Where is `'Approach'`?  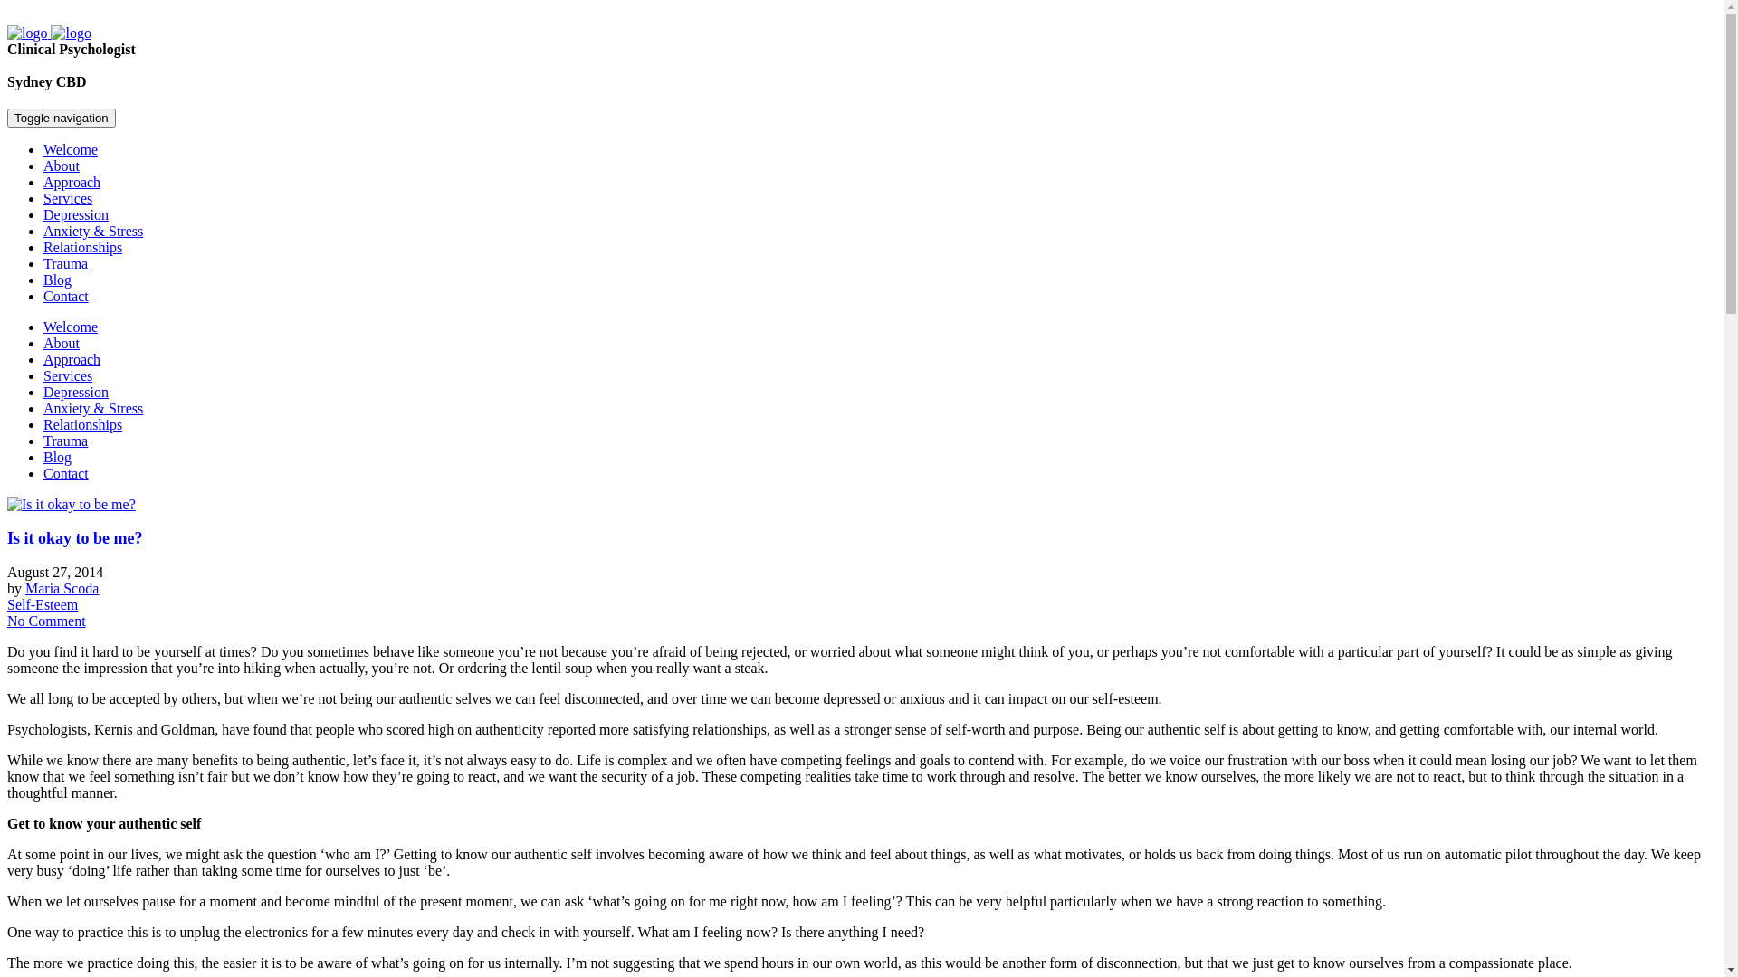 'Approach' is located at coordinates (72, 359).